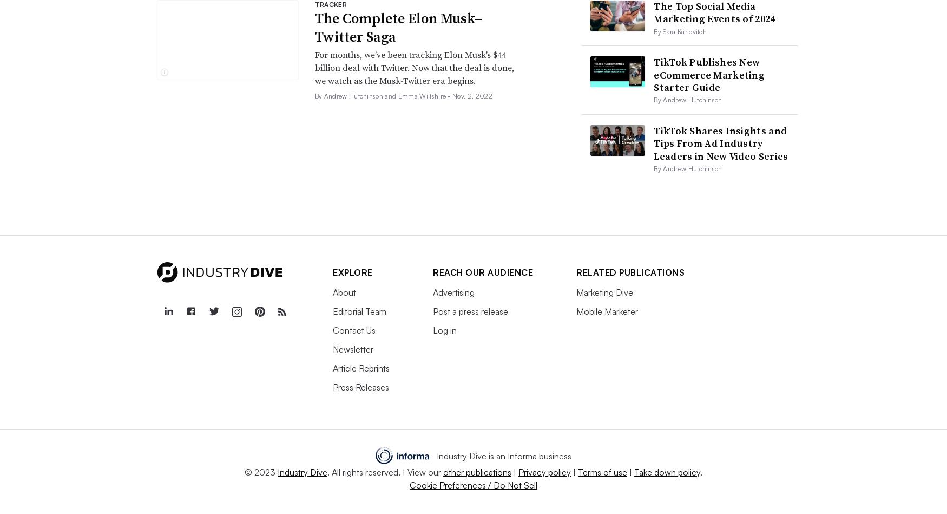  What do you see at coordinates (482, 271) in the screenshot?
I see `'Reach our audience'` at bounding box center [482, 271].